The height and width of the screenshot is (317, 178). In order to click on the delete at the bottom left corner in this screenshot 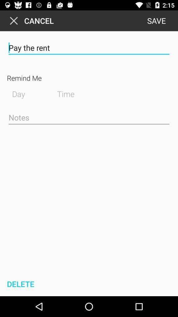, I will do `click(19, 284)`.